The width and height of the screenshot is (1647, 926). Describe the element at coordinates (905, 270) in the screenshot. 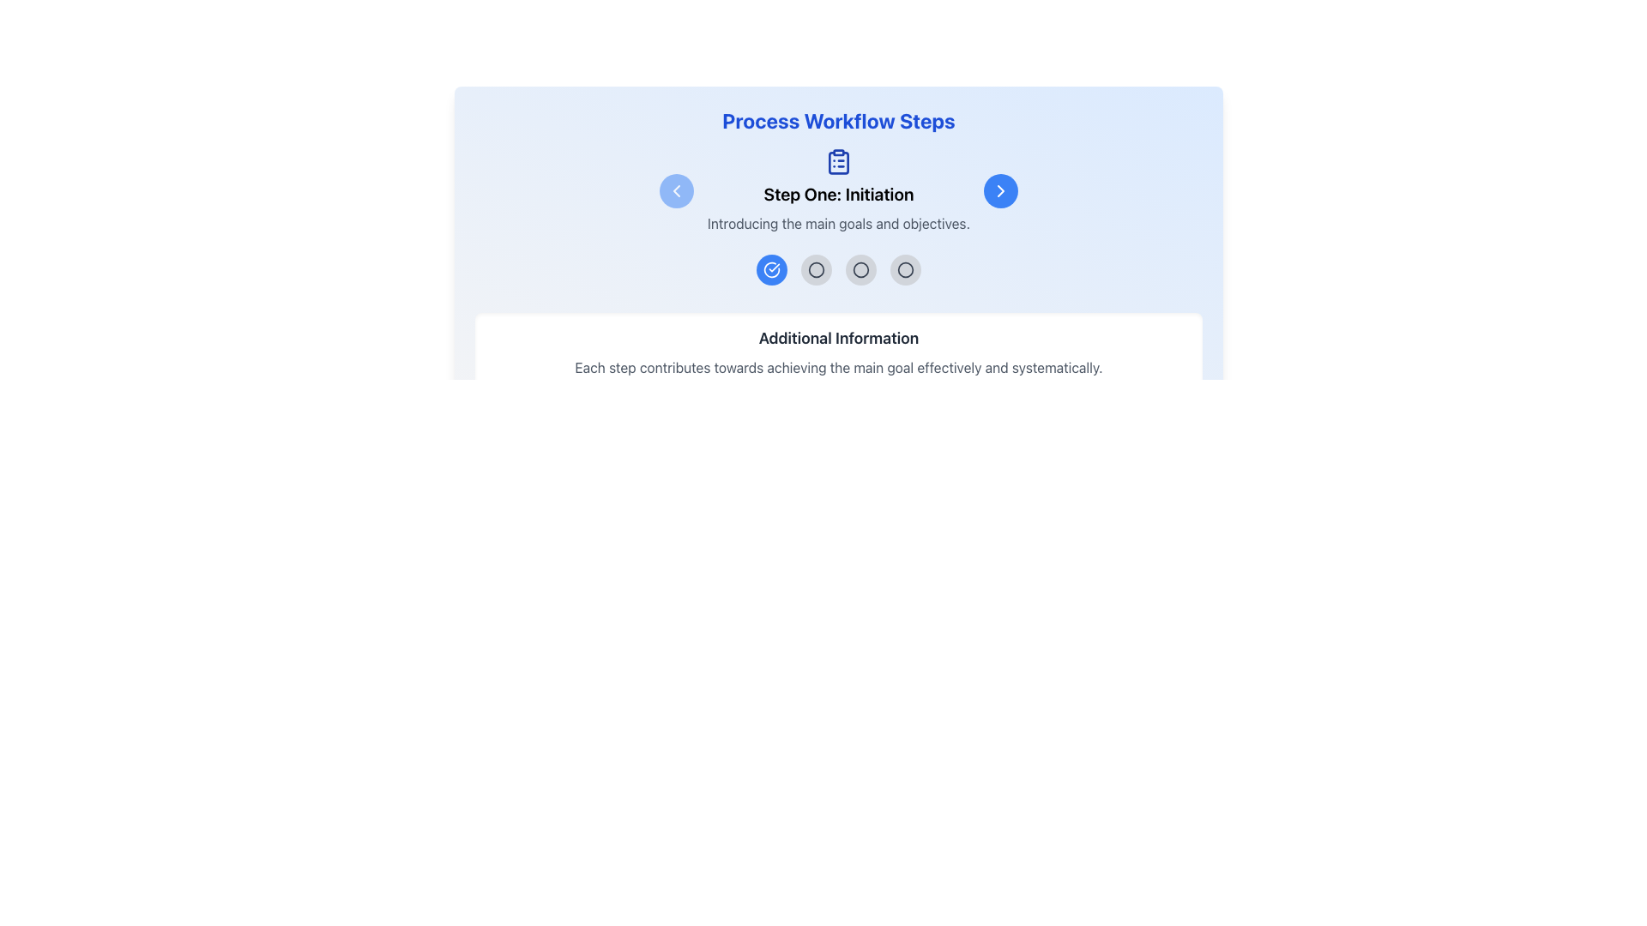

I see `the fourth circular button below the text 'Step One: Initiation'` at that location.